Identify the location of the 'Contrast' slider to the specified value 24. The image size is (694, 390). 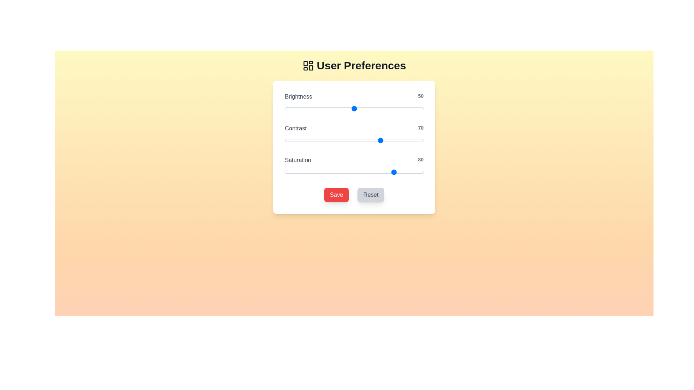
(318, 140).